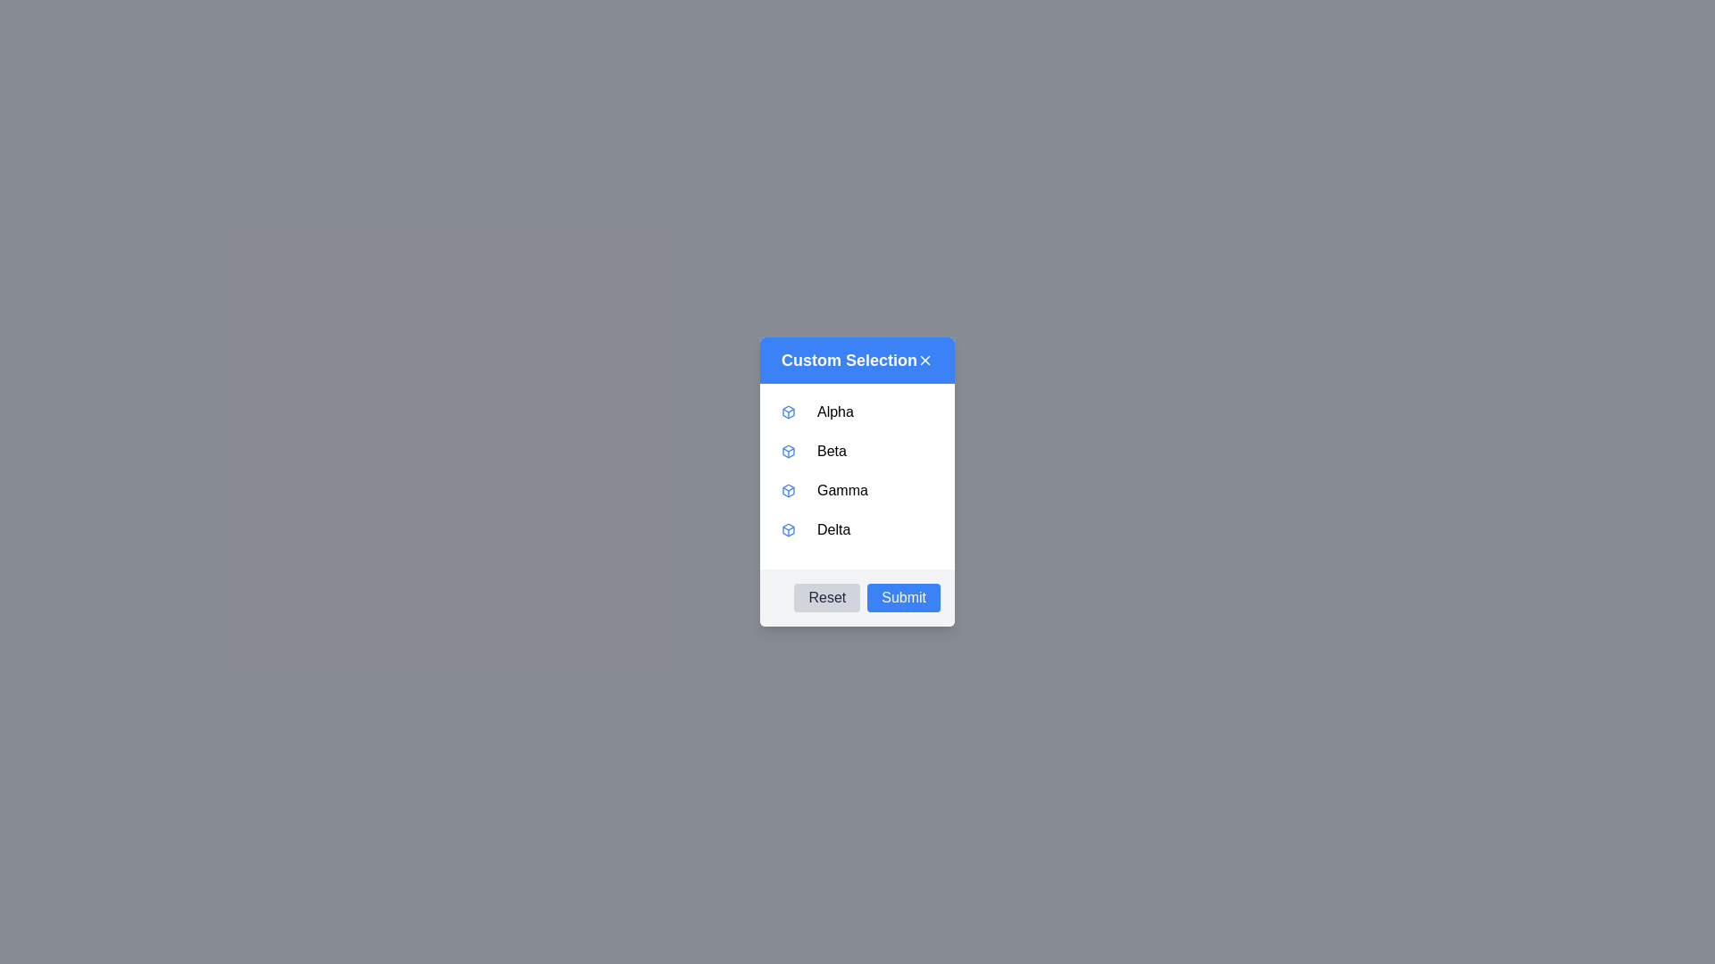  I want to click on the selectable list item labeled 'Gamma' in the modal window titled 'Custom Selection', so click(857, 491).